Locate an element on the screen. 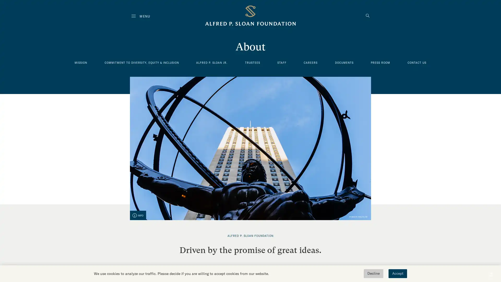  MENU is located at coordinates (141, 16).